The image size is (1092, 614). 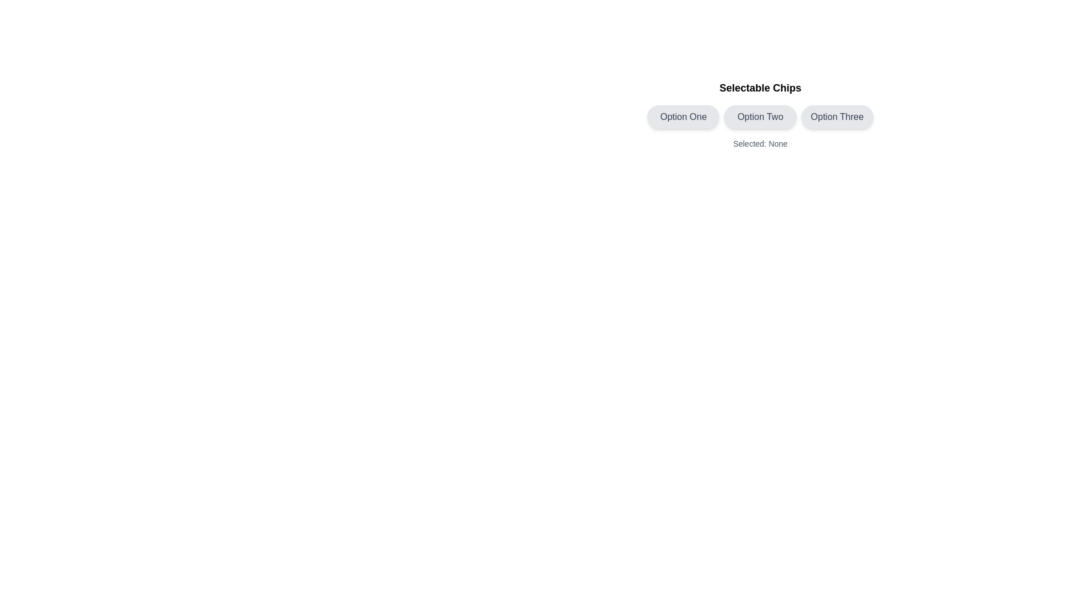 I want to click on the text label of the selectable chip labeled 'Option Two' which is the middle option in a row of three choices, so click(x=760, y=117).